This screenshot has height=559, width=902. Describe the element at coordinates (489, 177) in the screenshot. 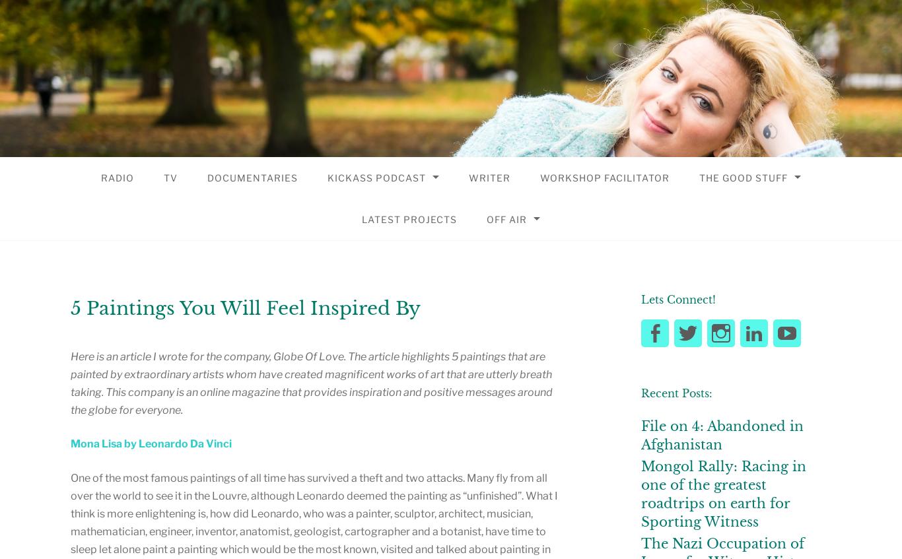

I see `'Writer'` at that location.